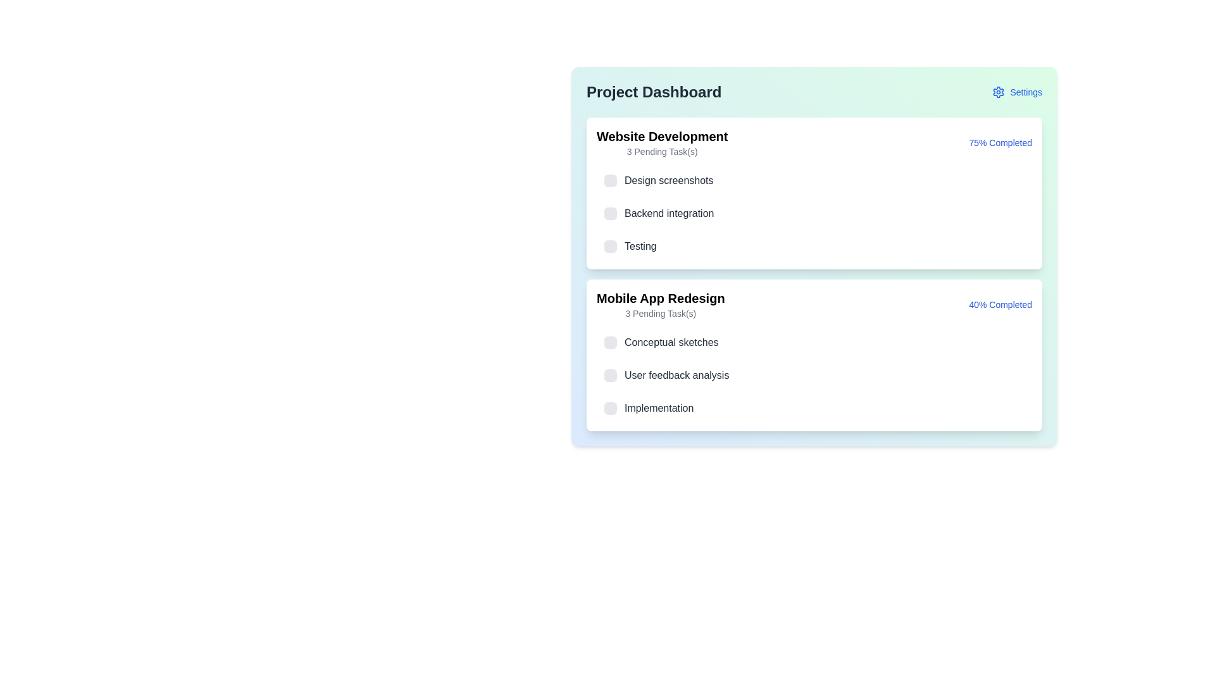 This screenshot has height=683, width=1215. Describe the element at coordinates (998, 92) in the screenshot. I see `the gear-shaped icon located on the top-right corner of the interface` at that location.